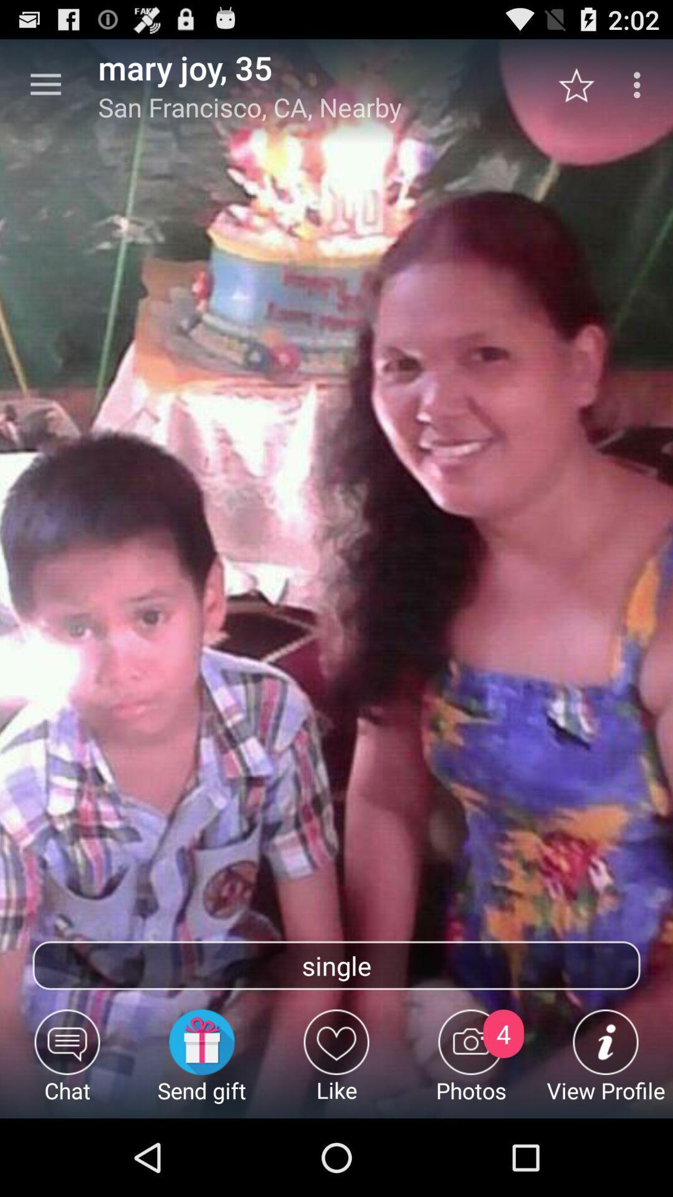 This screenshot has height=1197, width=673. Describe the element at coordinates (336, 1063) in the screenshot. I see `item to the right of send gift icon` at that location.